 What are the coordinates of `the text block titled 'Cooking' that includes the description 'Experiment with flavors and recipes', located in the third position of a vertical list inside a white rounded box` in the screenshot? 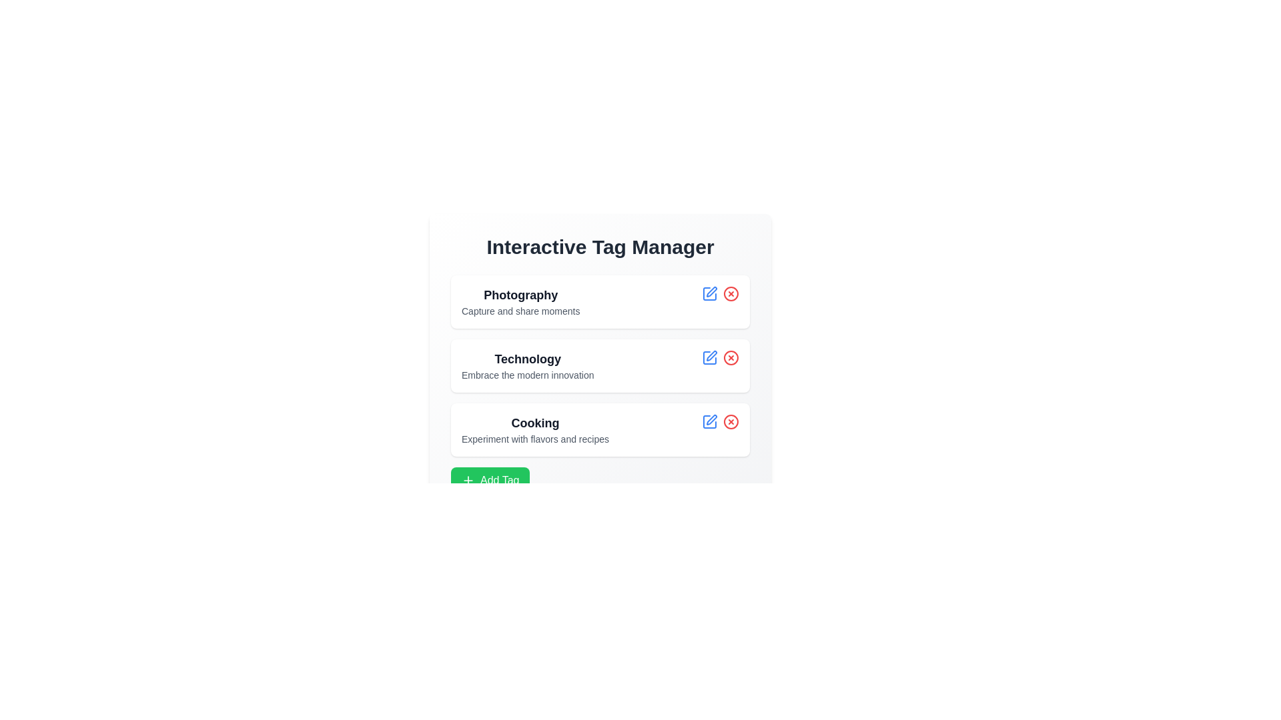 It's located at (535, 429).